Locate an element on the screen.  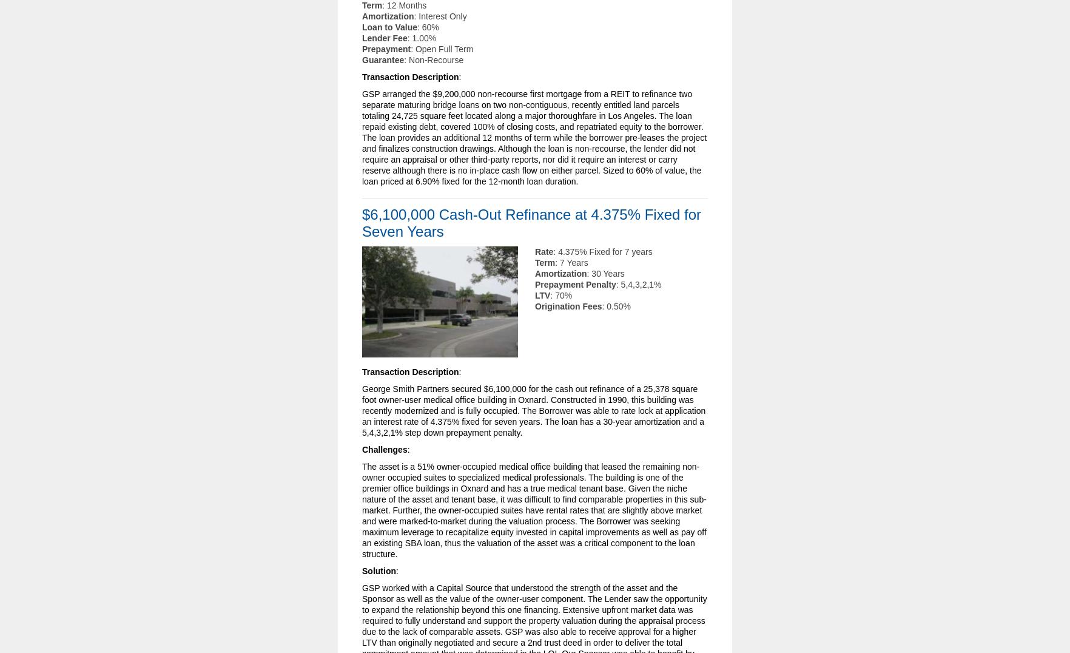
': 0.50%' is located at coordinates (615, 306).